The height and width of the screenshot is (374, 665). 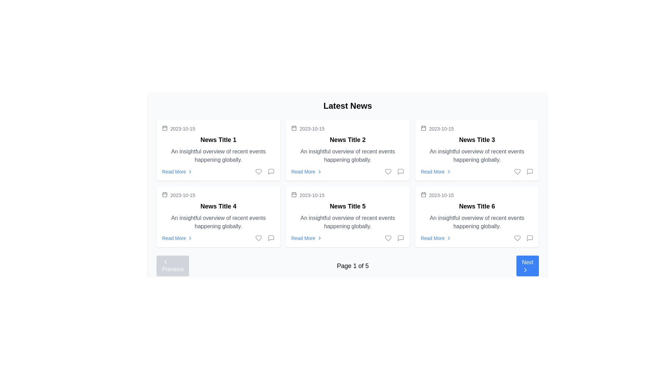 What do you see at coordinates (319, 238) in the screenshot?
I see `the right-pointing arrow icon adjacent to the 'Read More' text in the card titled 'News Title 5'` at bounding box center [319, 238].